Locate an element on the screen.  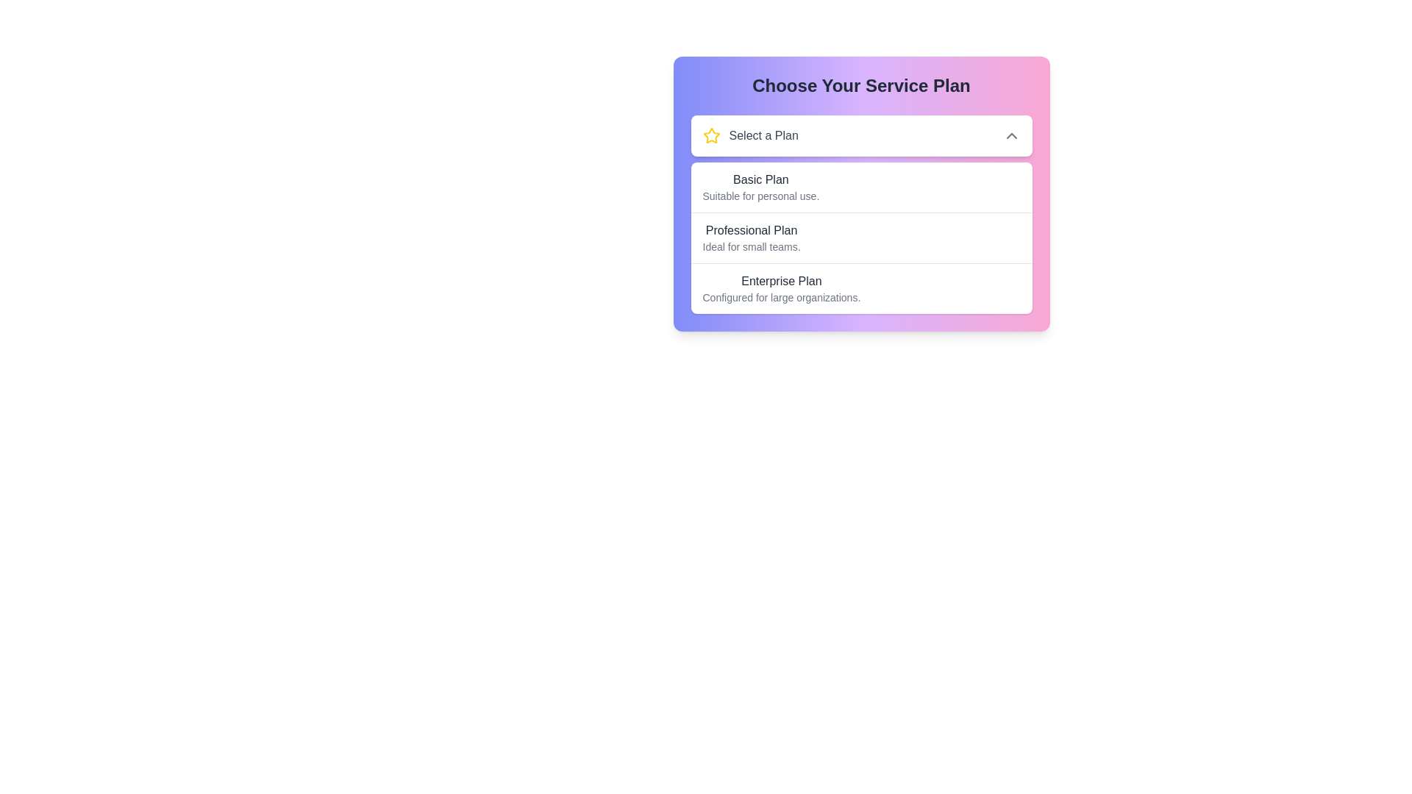
details of the selectable plan item located in the middle of the dropdown section, between the 'Basic Plan' and 'Enterprise Plan' is located at coordinates (861, 237).